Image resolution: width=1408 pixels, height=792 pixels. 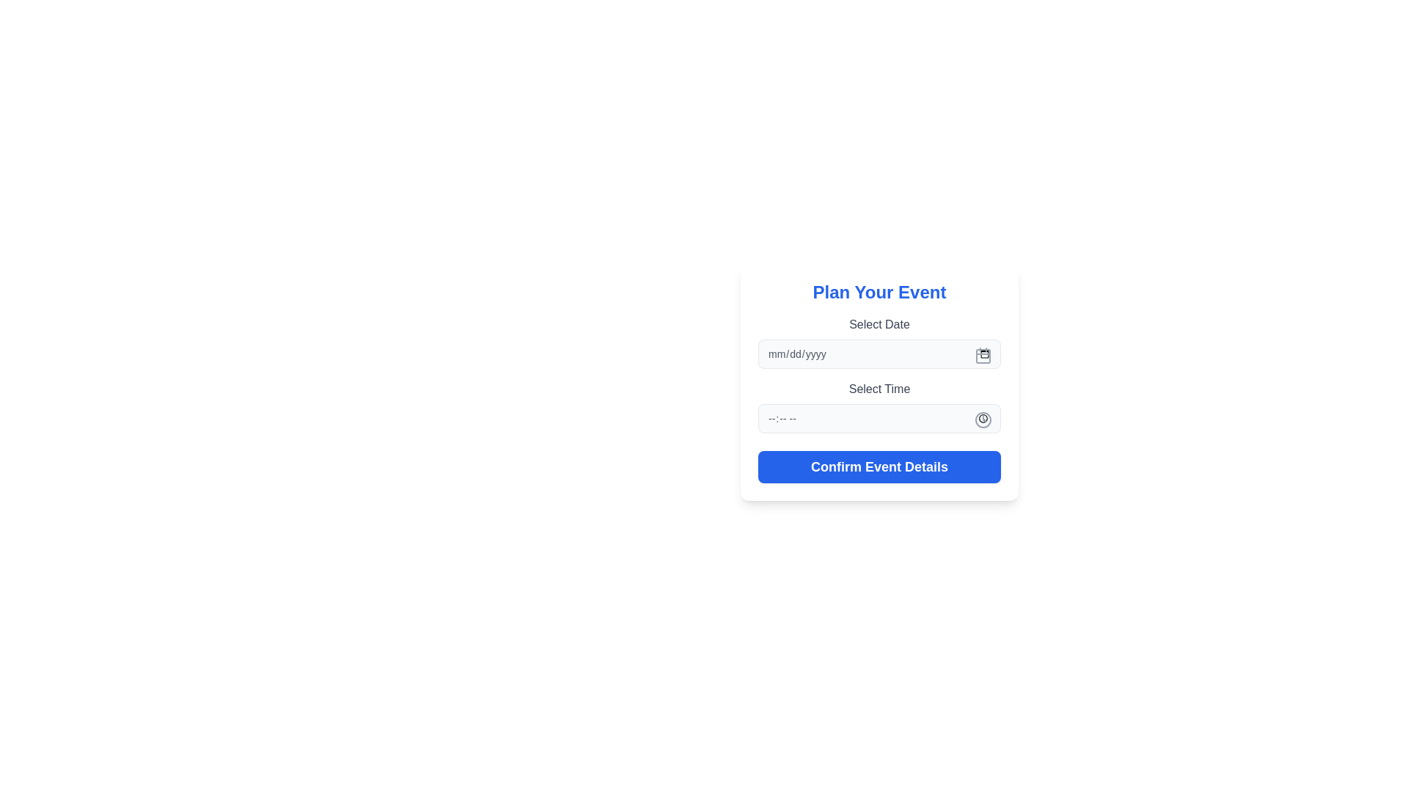 What do you see at coordinates (879, 292) in the screenshot?
I see `the heading text 'Plan Your Event', which is styled with a bold font and blue color, positioned at the top of a card interface` at bounding box center [879, 292].